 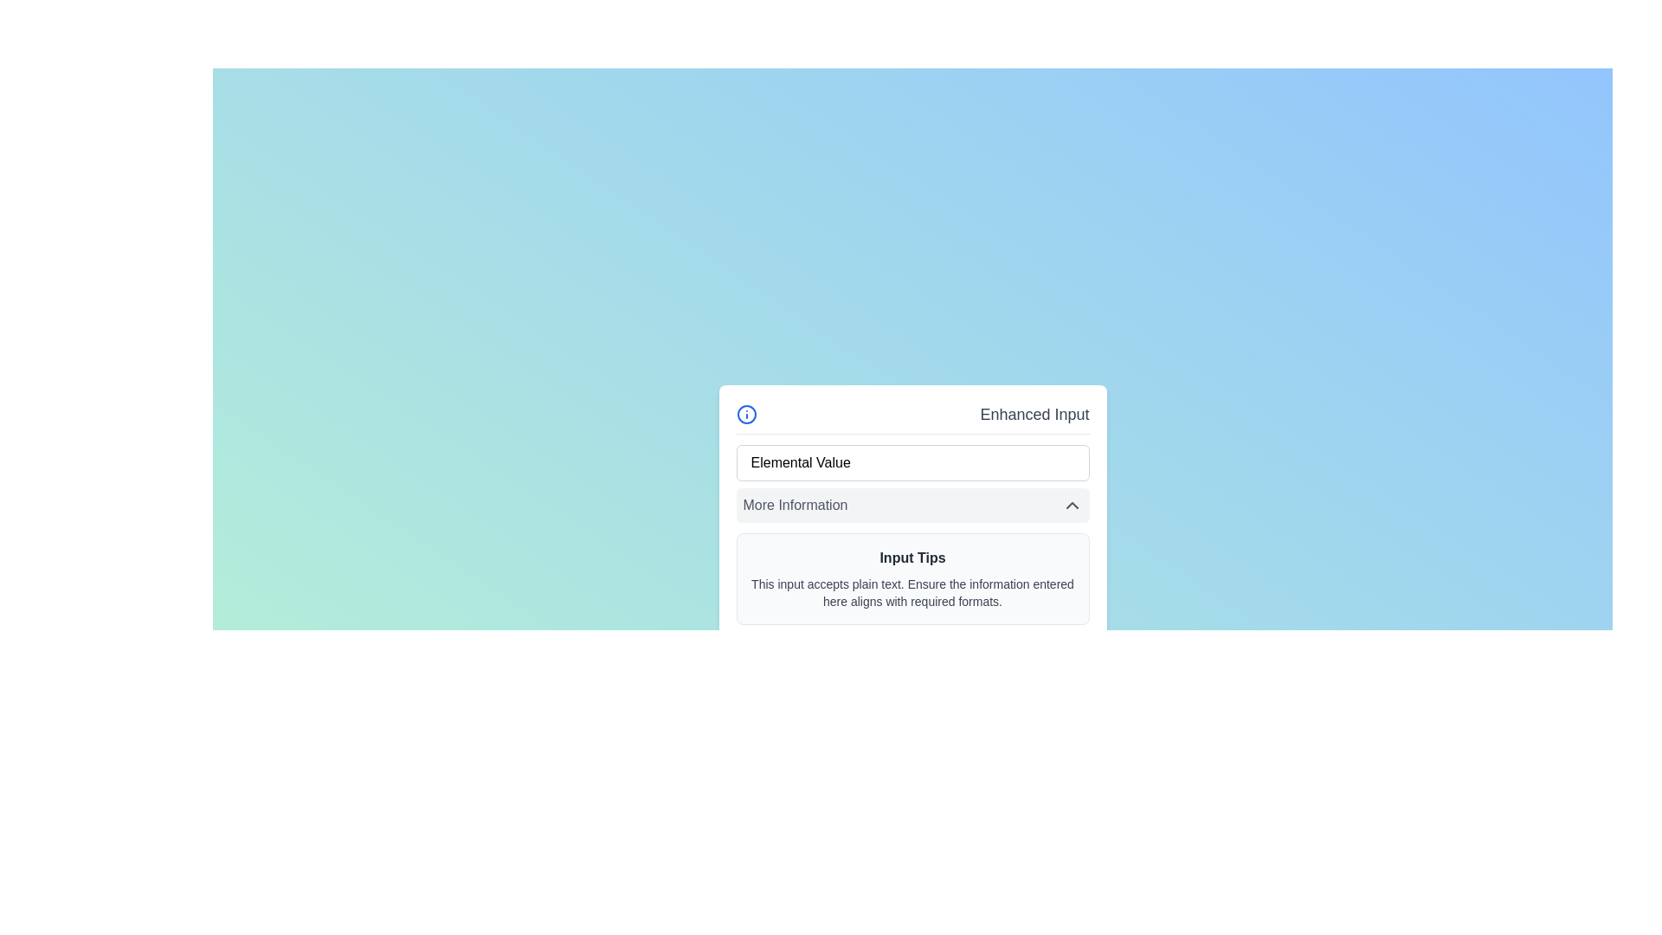 I want to click on the Collapsible Header element located below the 'Elemental Value' text input field and above 'Input Tips', so click(x=912, y=505).